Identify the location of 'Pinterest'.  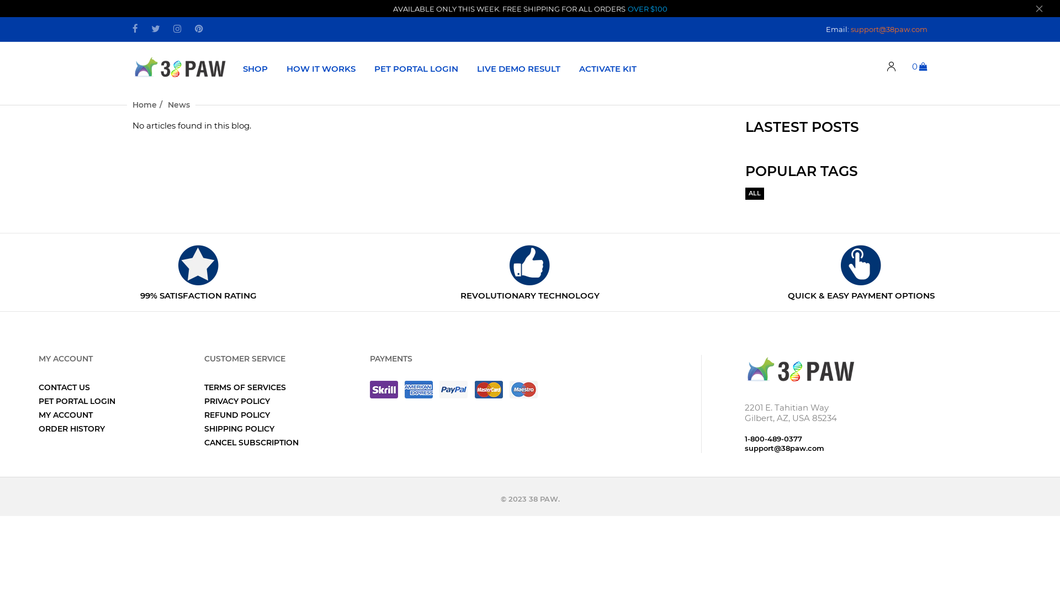
(199, 29).